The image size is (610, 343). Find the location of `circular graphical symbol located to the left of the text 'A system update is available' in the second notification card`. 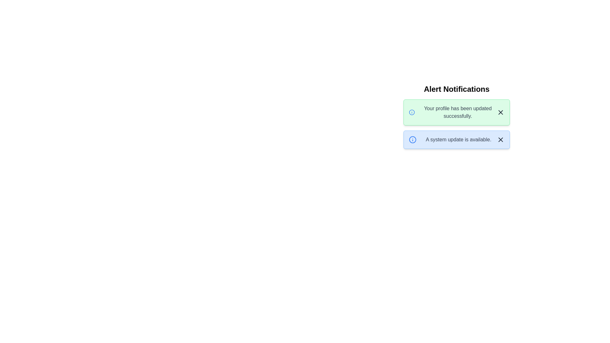

circular graphical symbol located to the left of the text 'A system update is available' in the second notification card is located at coordinates (413, 139).